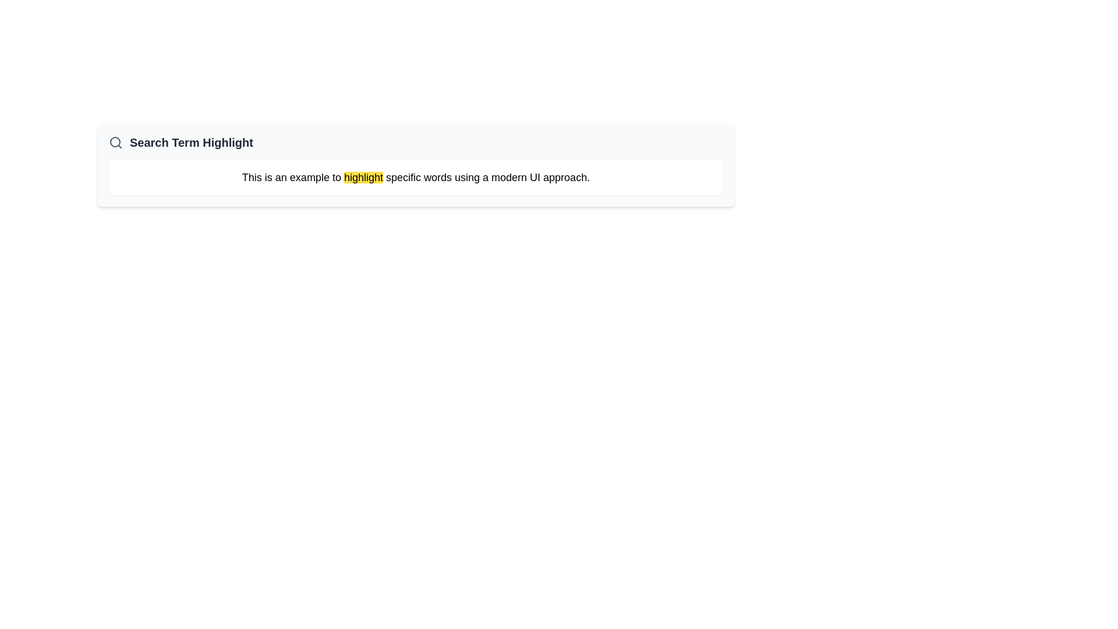 The image size is (1118, 629). Describe the element at coordinates (115, 141) in the screenshot. I see `the SVG circle element that represents the lens of the magnifying glass icon located next to the 'Search Term Highlight' label` at that location.